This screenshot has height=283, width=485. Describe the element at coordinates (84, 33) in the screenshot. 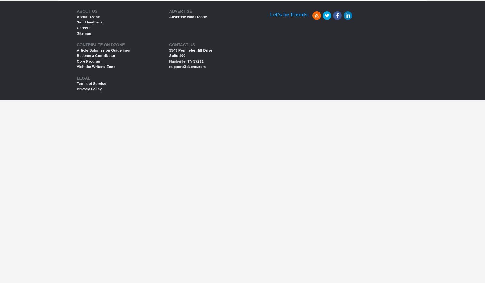

I see `'Sitemap'` at that location.